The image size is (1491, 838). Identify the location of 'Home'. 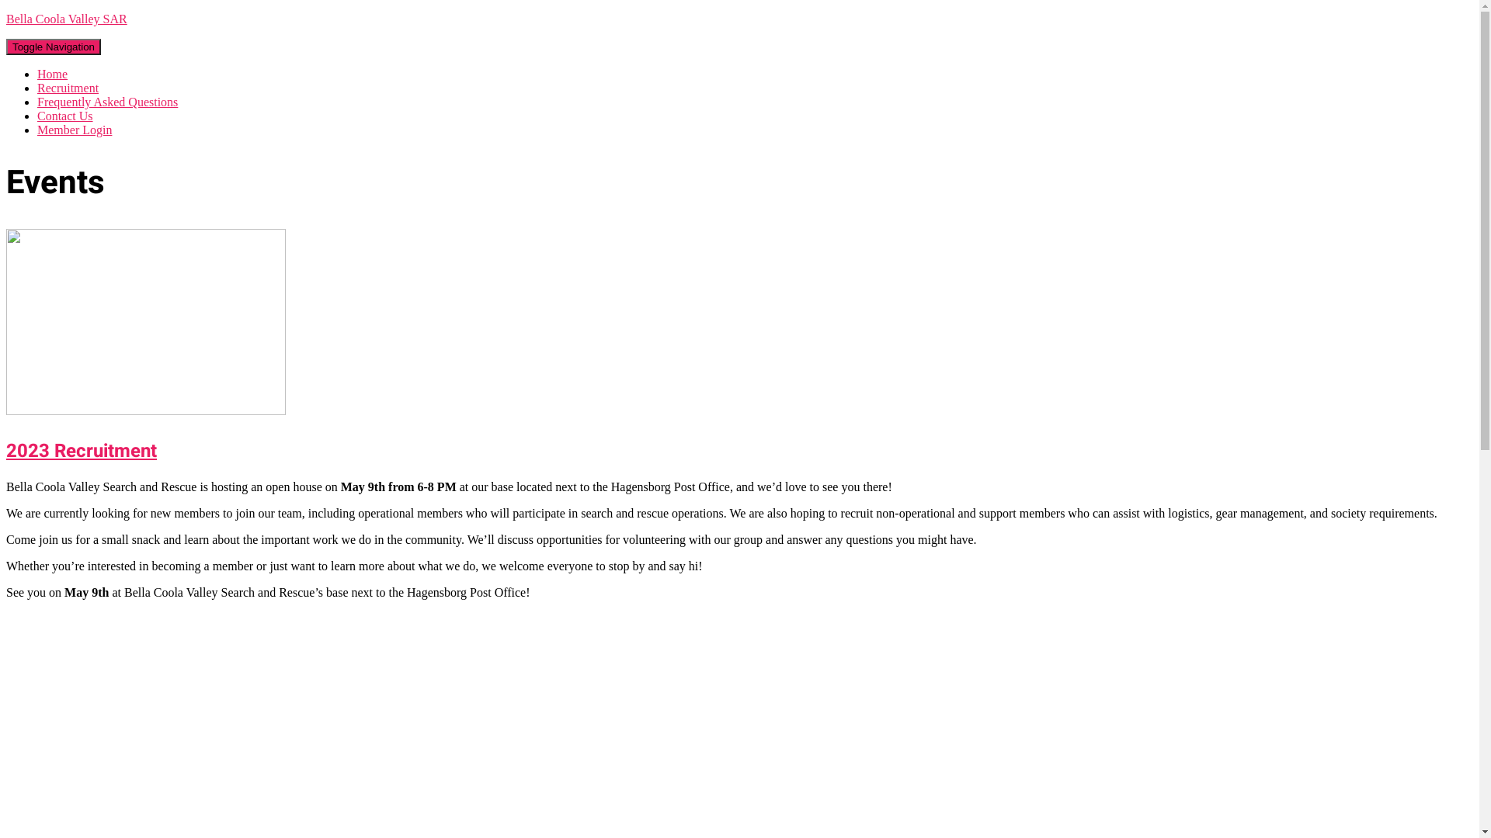
(52, 74).